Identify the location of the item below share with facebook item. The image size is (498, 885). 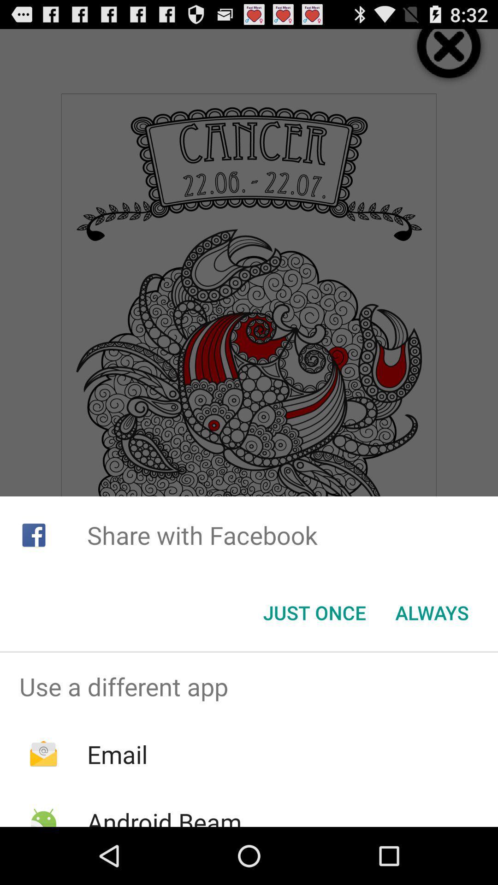
(432, 613).